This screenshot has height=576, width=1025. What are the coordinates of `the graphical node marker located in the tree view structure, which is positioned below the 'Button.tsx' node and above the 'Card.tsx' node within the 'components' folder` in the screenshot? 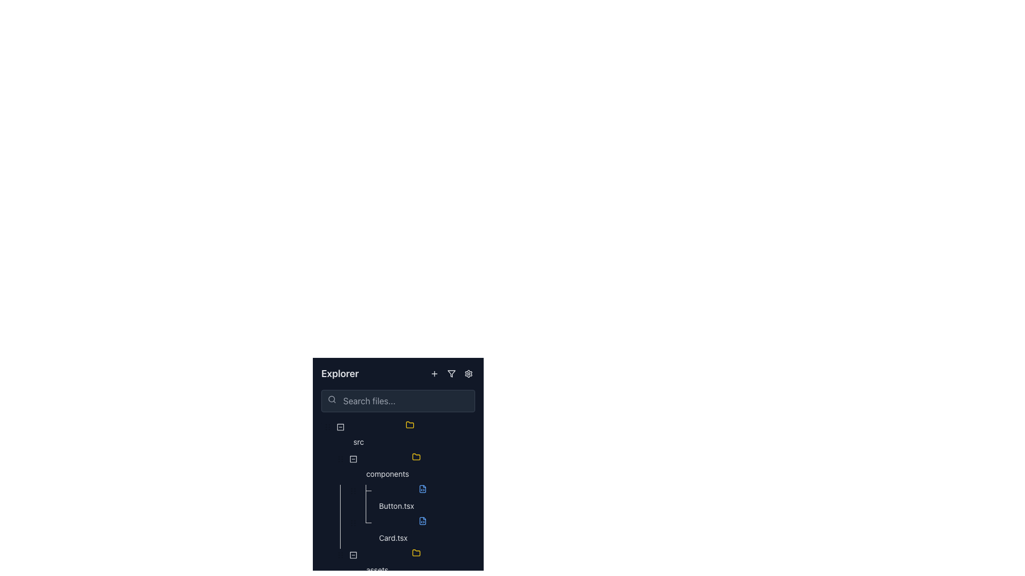 It's located at (353, 522).